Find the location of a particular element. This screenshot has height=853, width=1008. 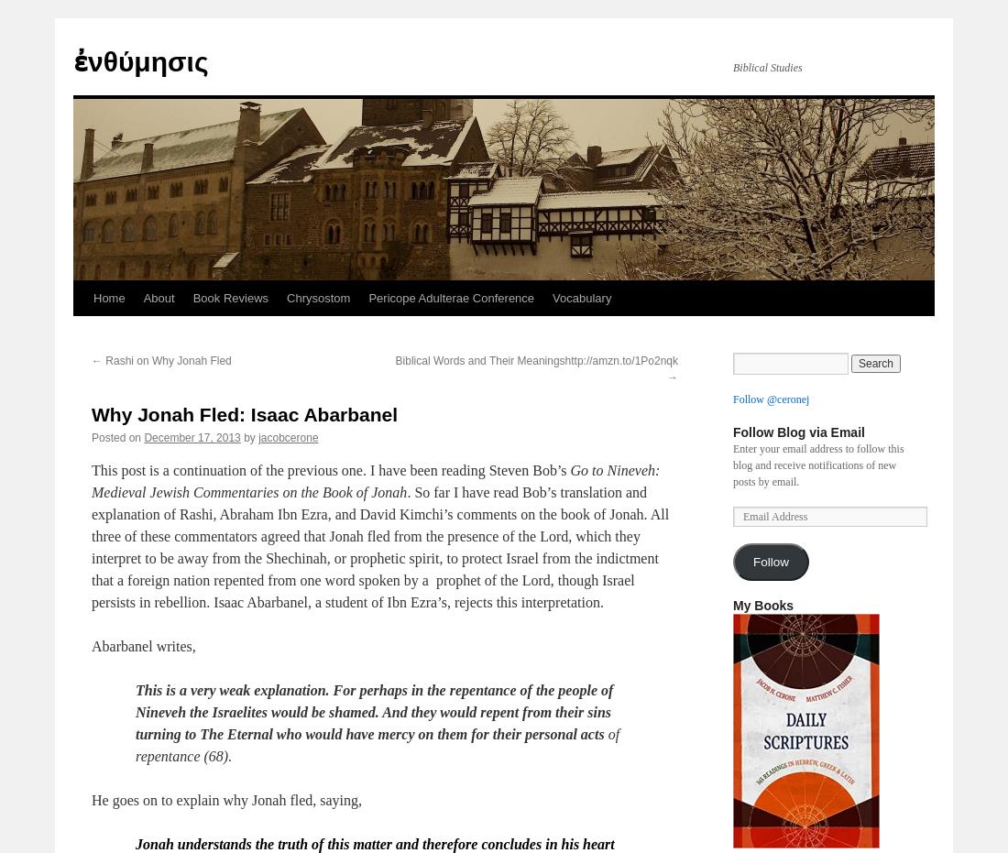

'of repentance (68).' is located at coordinates (134, 744).